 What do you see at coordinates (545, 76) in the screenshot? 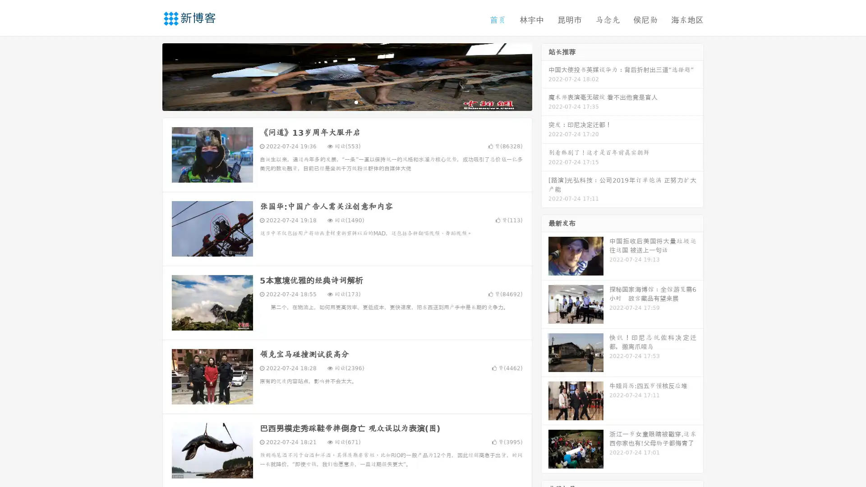
I see `Next slide` at bounding box center [545, 76].